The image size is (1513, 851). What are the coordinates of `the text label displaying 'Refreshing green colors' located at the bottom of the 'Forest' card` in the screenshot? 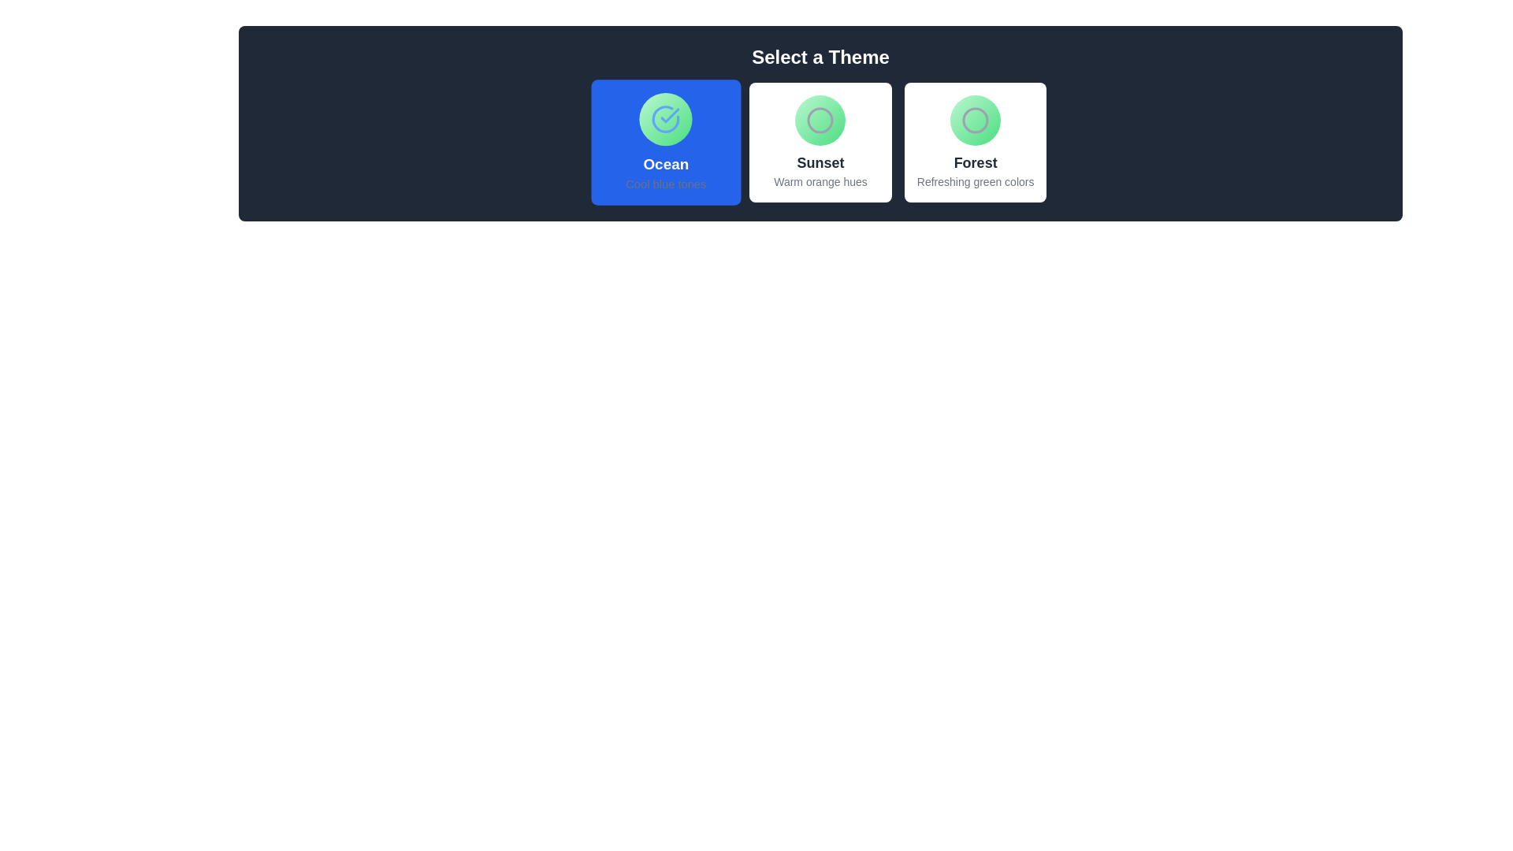 It's located at (975, 181).